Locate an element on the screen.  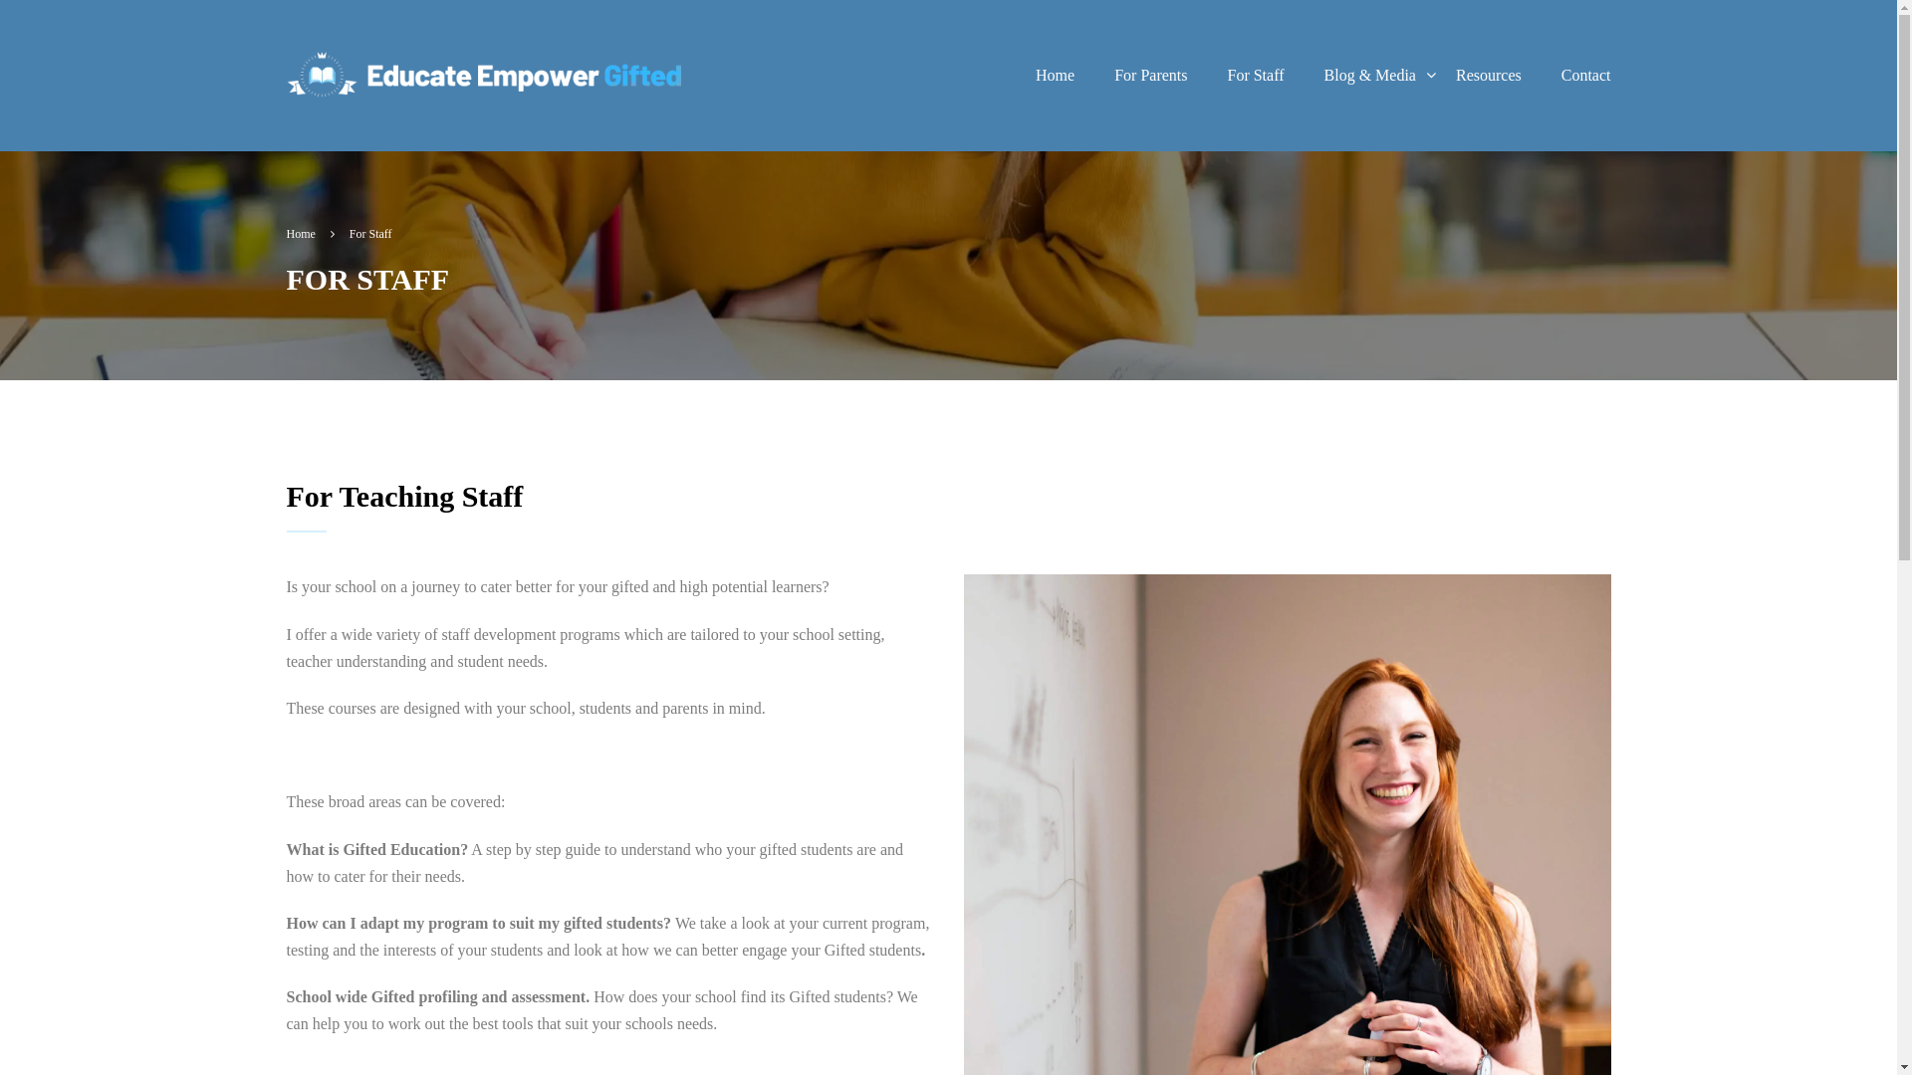
'Blog & Media' is located at coordinates (1369, 75).